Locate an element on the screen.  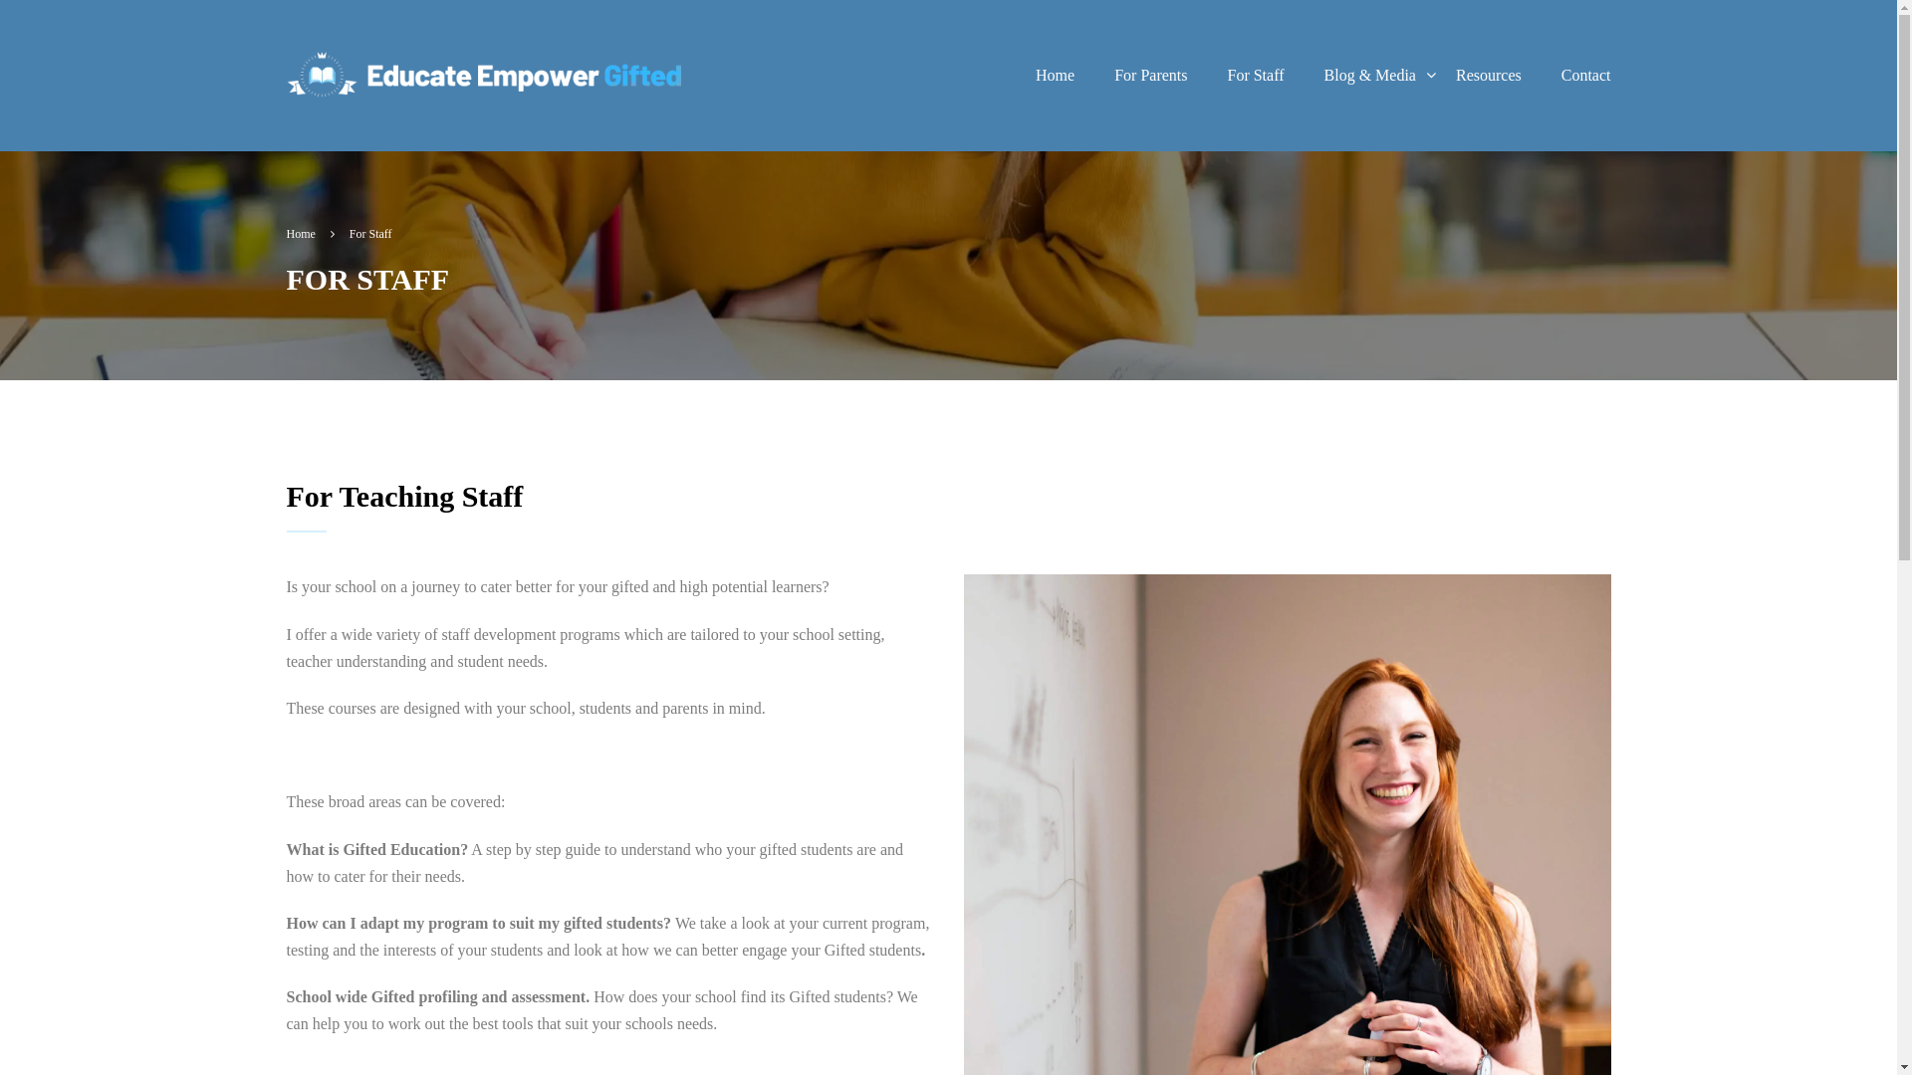
'Blog & Media' is located at coordinates (1369, 75).